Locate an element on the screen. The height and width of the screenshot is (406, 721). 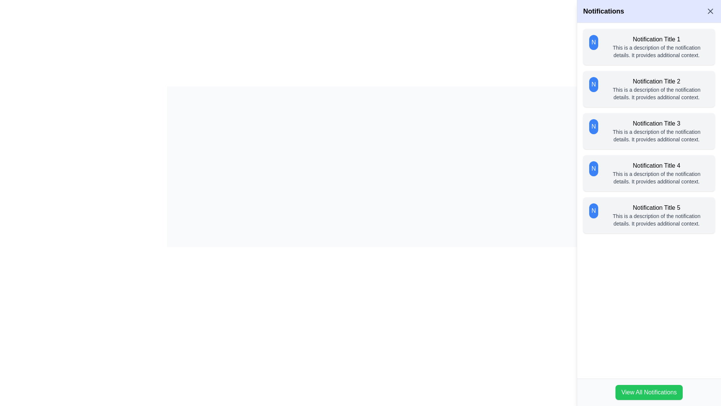
the Decorative icon with a blue background containing the letter 'N' in white, located on the left side of the second notification card in a vertical list of notifications is located at coordinates (593, 84).